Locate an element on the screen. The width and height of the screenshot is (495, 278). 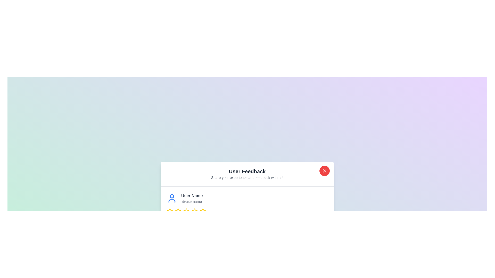
the third star icon, which is yellow and part of a rating system below 'User Name', to observe the hover effect is located at coordinates (178, 211).